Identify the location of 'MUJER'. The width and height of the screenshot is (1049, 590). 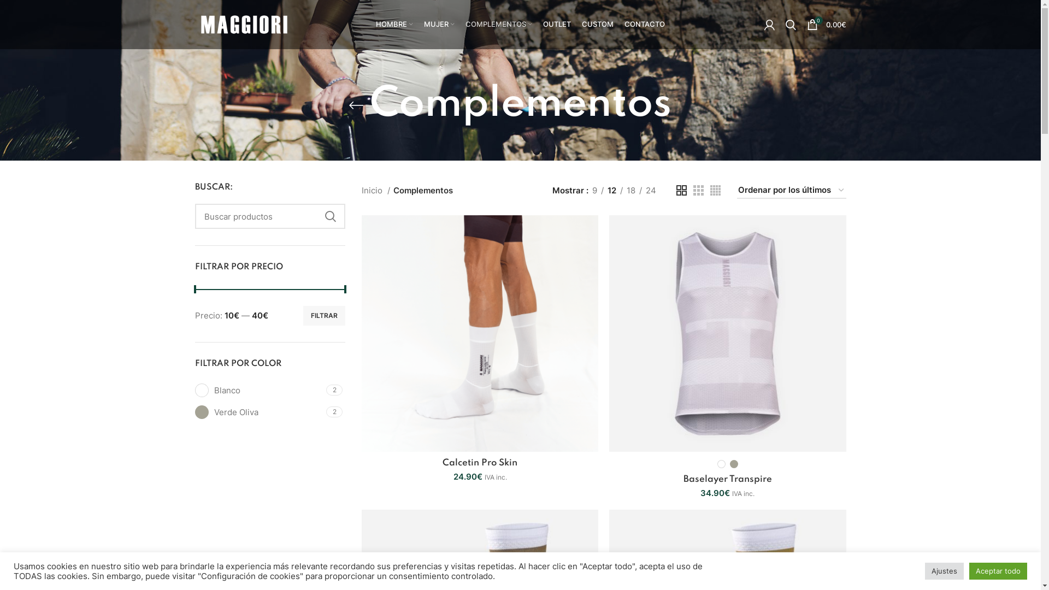
(439, 25).